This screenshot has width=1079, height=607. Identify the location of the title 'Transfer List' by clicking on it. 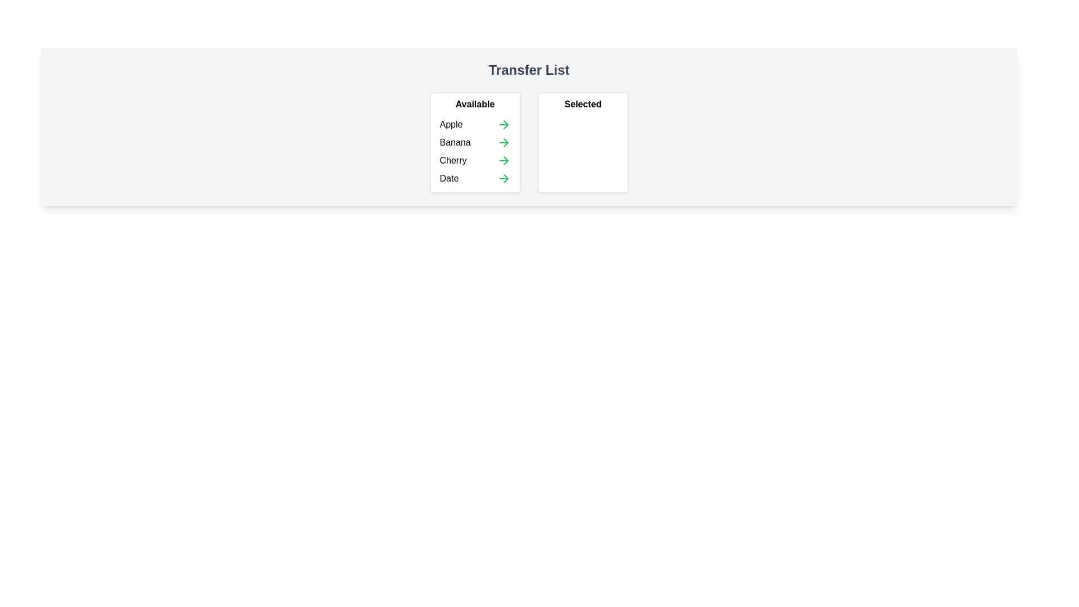
(528, 70).